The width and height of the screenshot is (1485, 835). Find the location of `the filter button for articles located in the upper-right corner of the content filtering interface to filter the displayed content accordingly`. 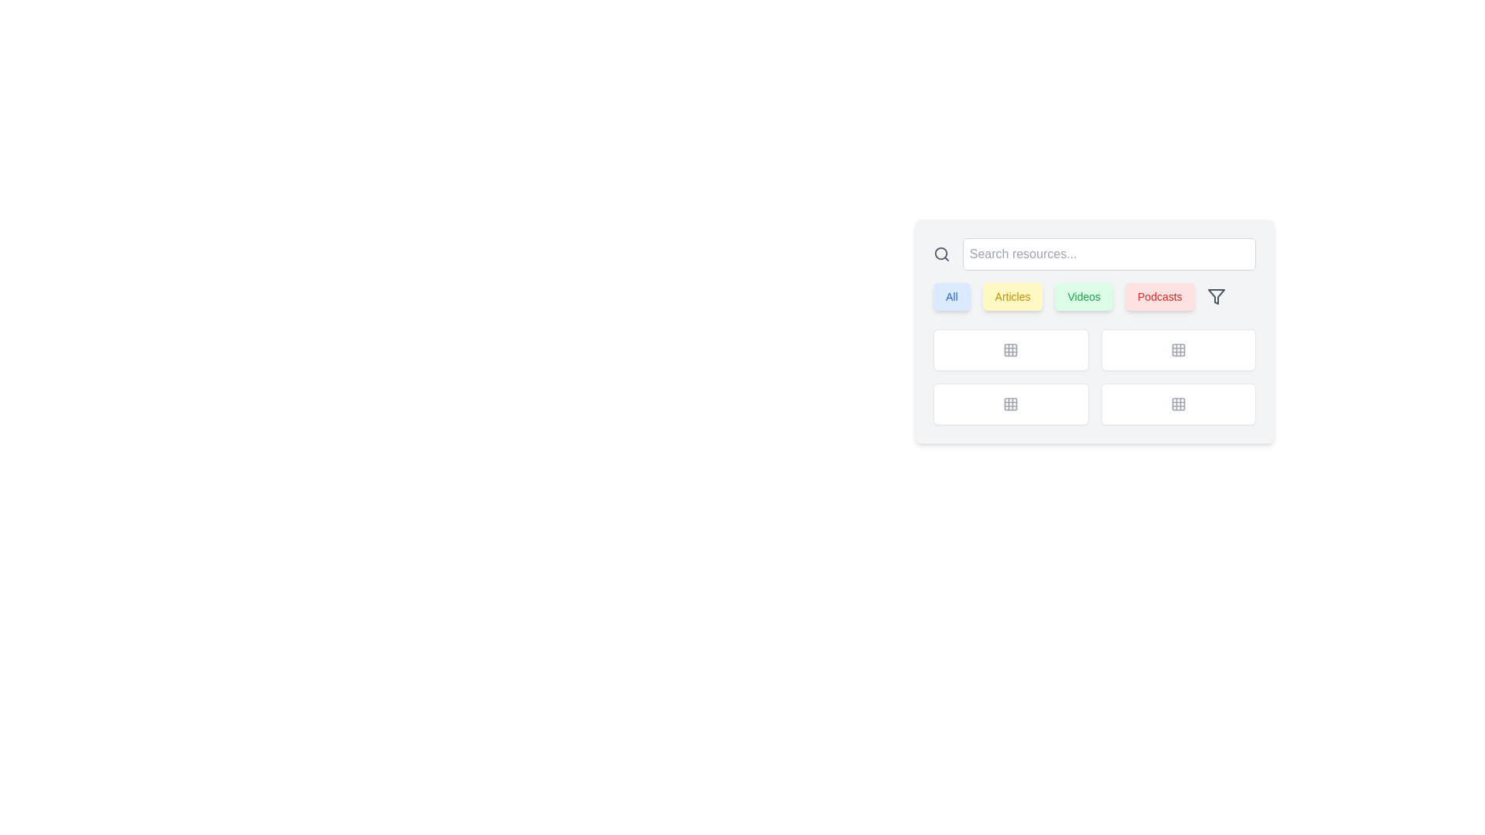

the filter button for articles located in the upper-right corner of the content filtering interface to filter the displayed content accordingly is located at coordinates (1012, 297).